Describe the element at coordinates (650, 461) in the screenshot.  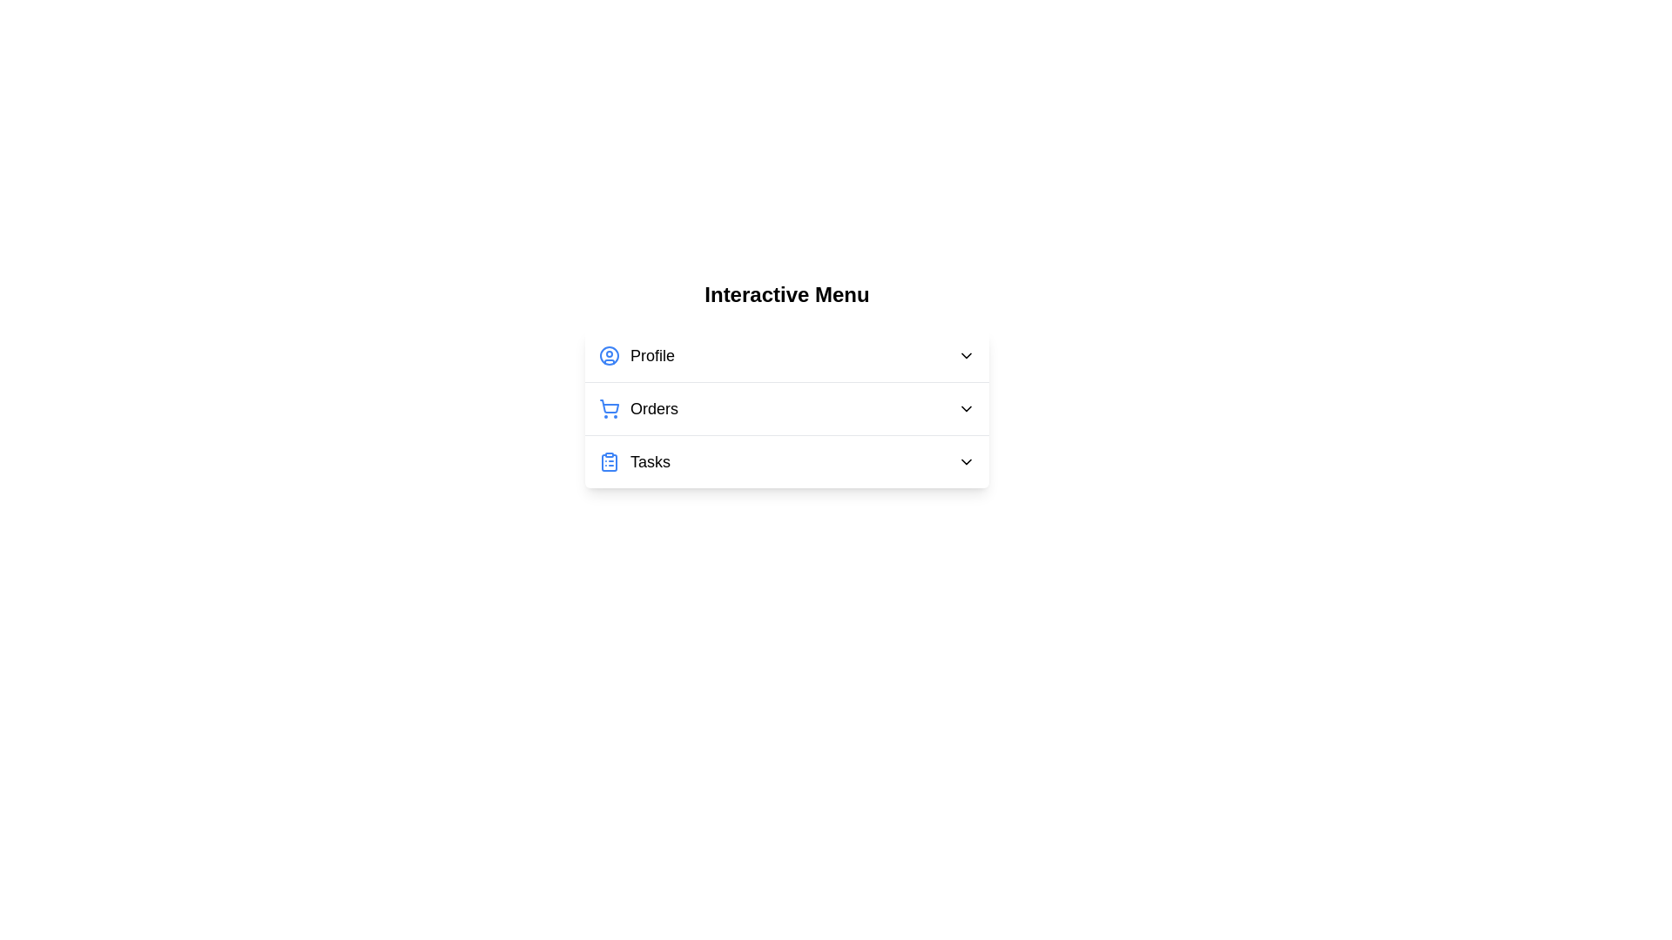
I see `the text label that represents a section or category in the interactive menu list, located below the header 'Interactive Menu'` at that location.